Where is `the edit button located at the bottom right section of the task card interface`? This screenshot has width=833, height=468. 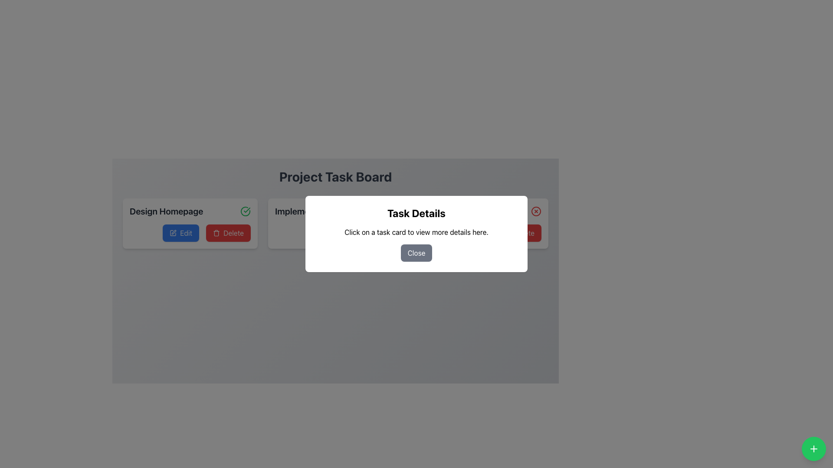
the edit button located at the bottom right section of the task card interface is located at coordinates (471, 232).